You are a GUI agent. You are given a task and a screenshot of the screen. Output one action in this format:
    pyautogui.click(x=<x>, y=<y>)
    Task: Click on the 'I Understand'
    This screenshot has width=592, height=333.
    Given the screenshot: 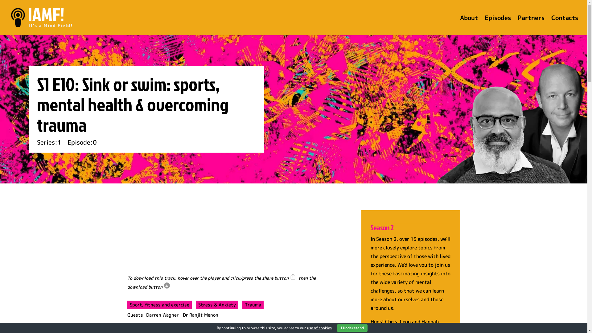 What is the action you would take?
    pyautogui.click(x=352, y=328)
    